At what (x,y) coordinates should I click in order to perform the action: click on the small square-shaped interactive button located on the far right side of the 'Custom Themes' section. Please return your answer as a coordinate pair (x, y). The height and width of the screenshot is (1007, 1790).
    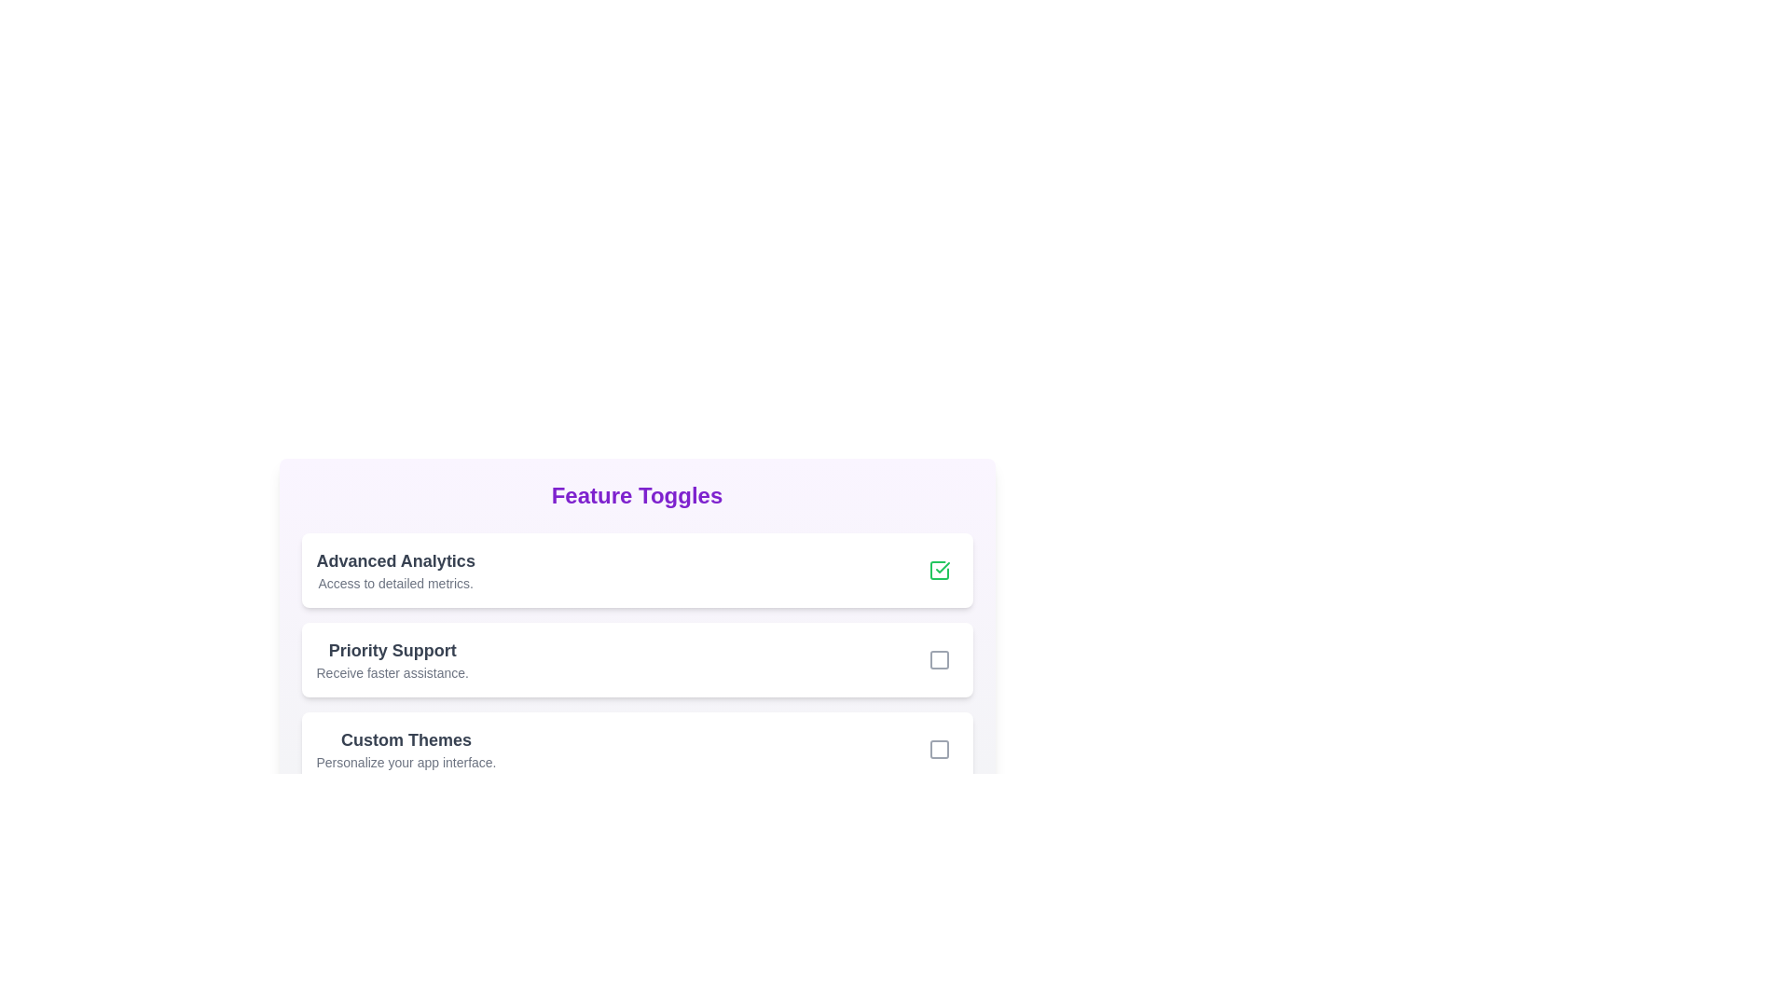
    Looking at the image, I should click on (939, 748).